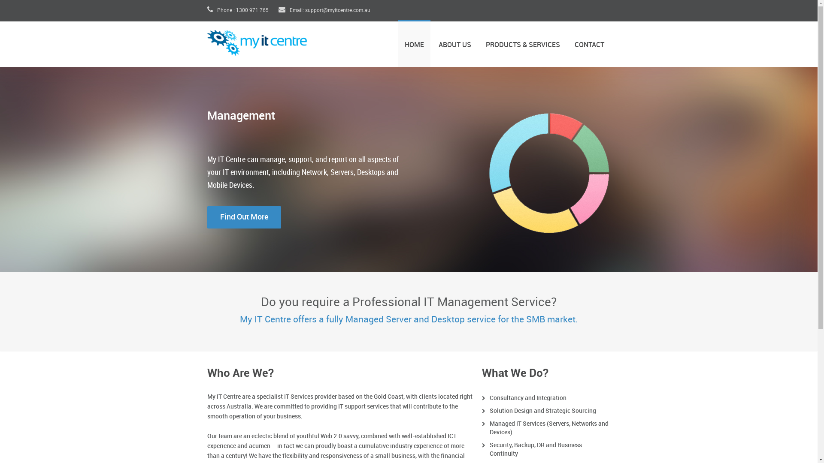 The height and width of the screenshot is (463, 824). Describe the element at coordinates (397, 43) in the screenshot. I see `'HOME'` at that location.